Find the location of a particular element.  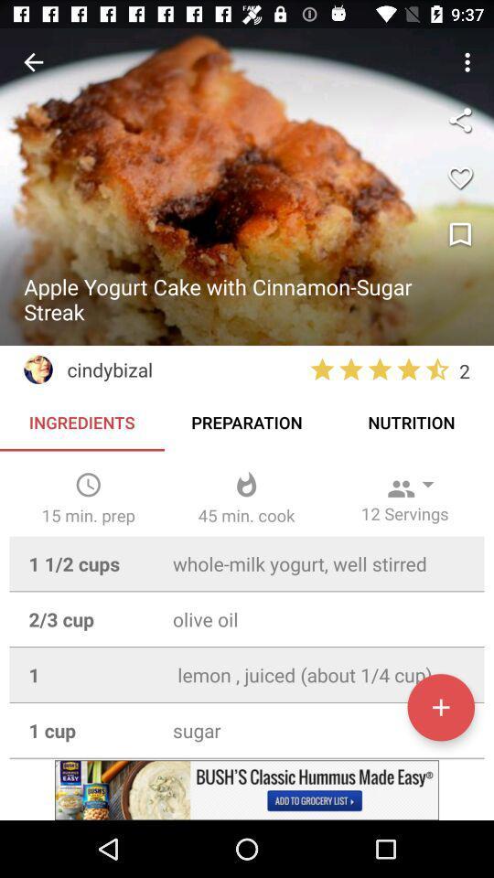

share recipe is located at coordinates (459, 119).